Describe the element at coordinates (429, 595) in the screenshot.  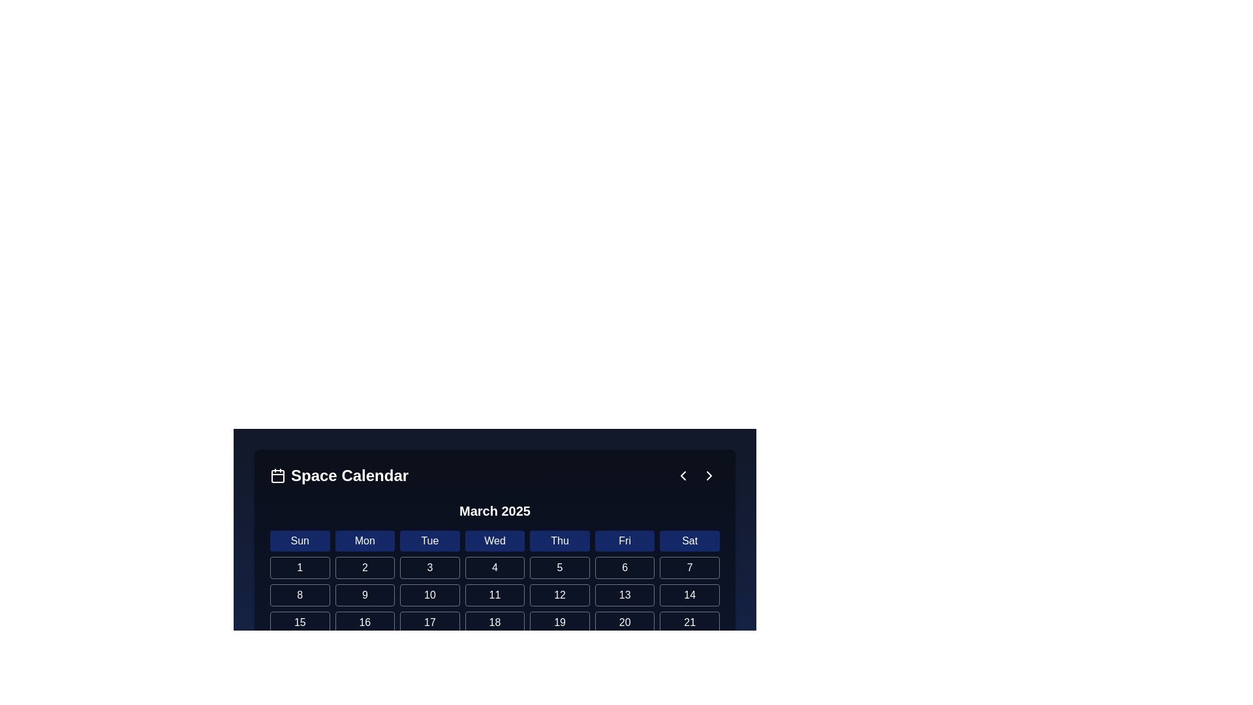
I see `the calendar cell displaying the number '10' in the second row, third column under the 'Tue' header` at that location.